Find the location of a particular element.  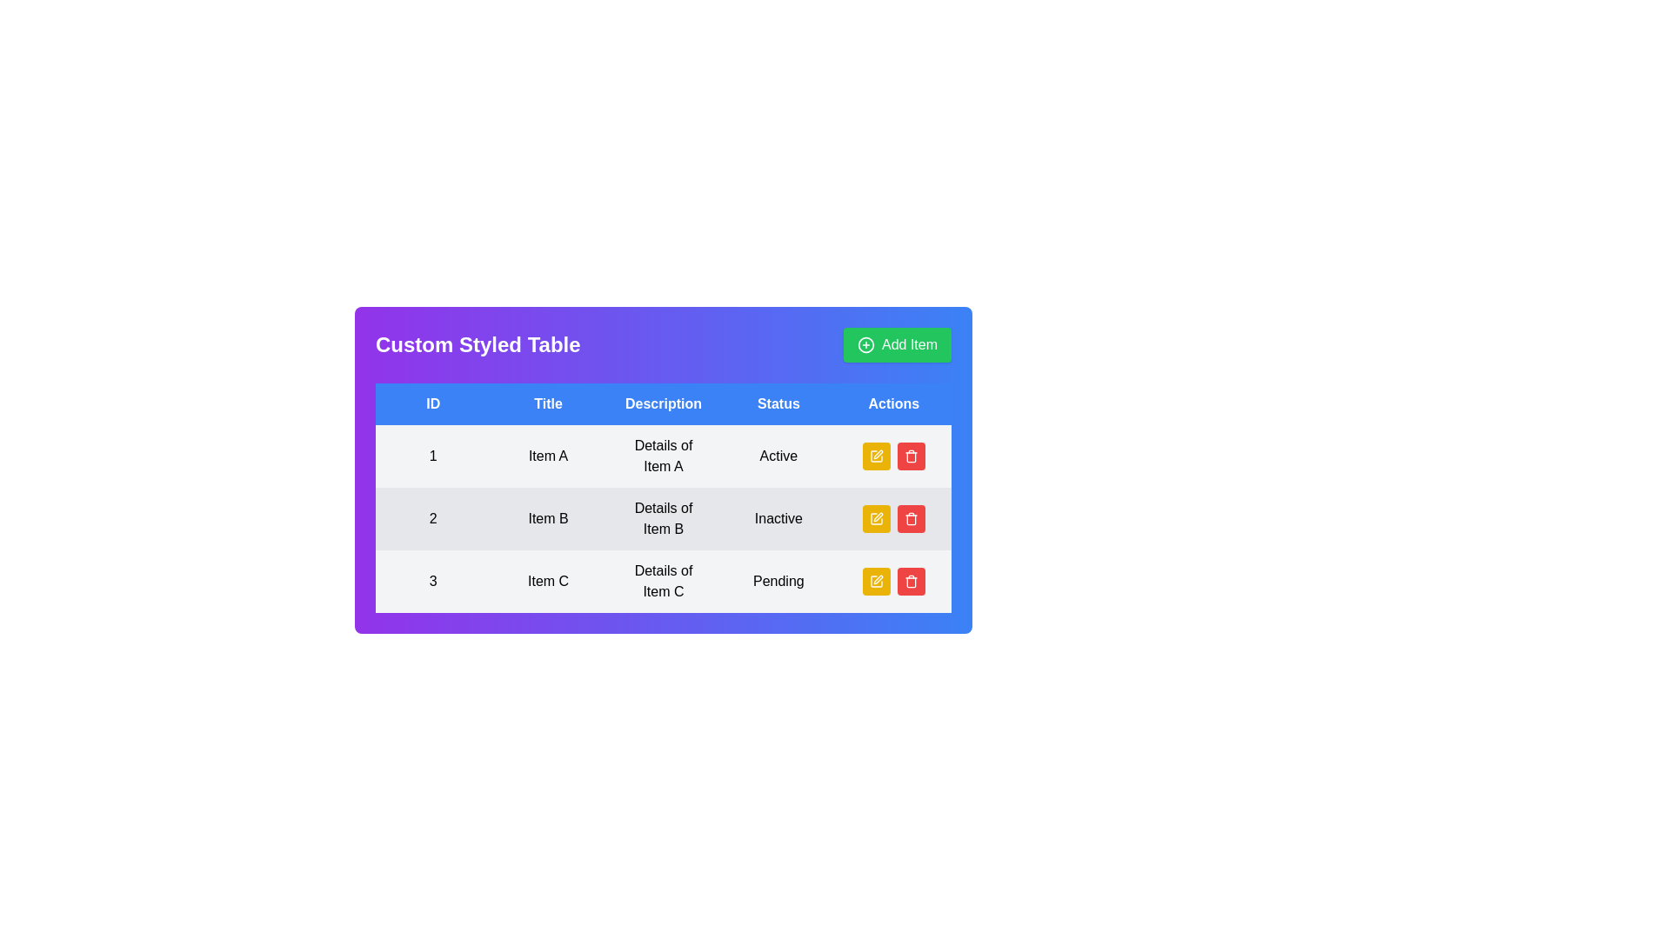

the edit button with a yellow background and white pen icon located in the second row of the 'Actions' column in the table is located at coordinates (876, 518).